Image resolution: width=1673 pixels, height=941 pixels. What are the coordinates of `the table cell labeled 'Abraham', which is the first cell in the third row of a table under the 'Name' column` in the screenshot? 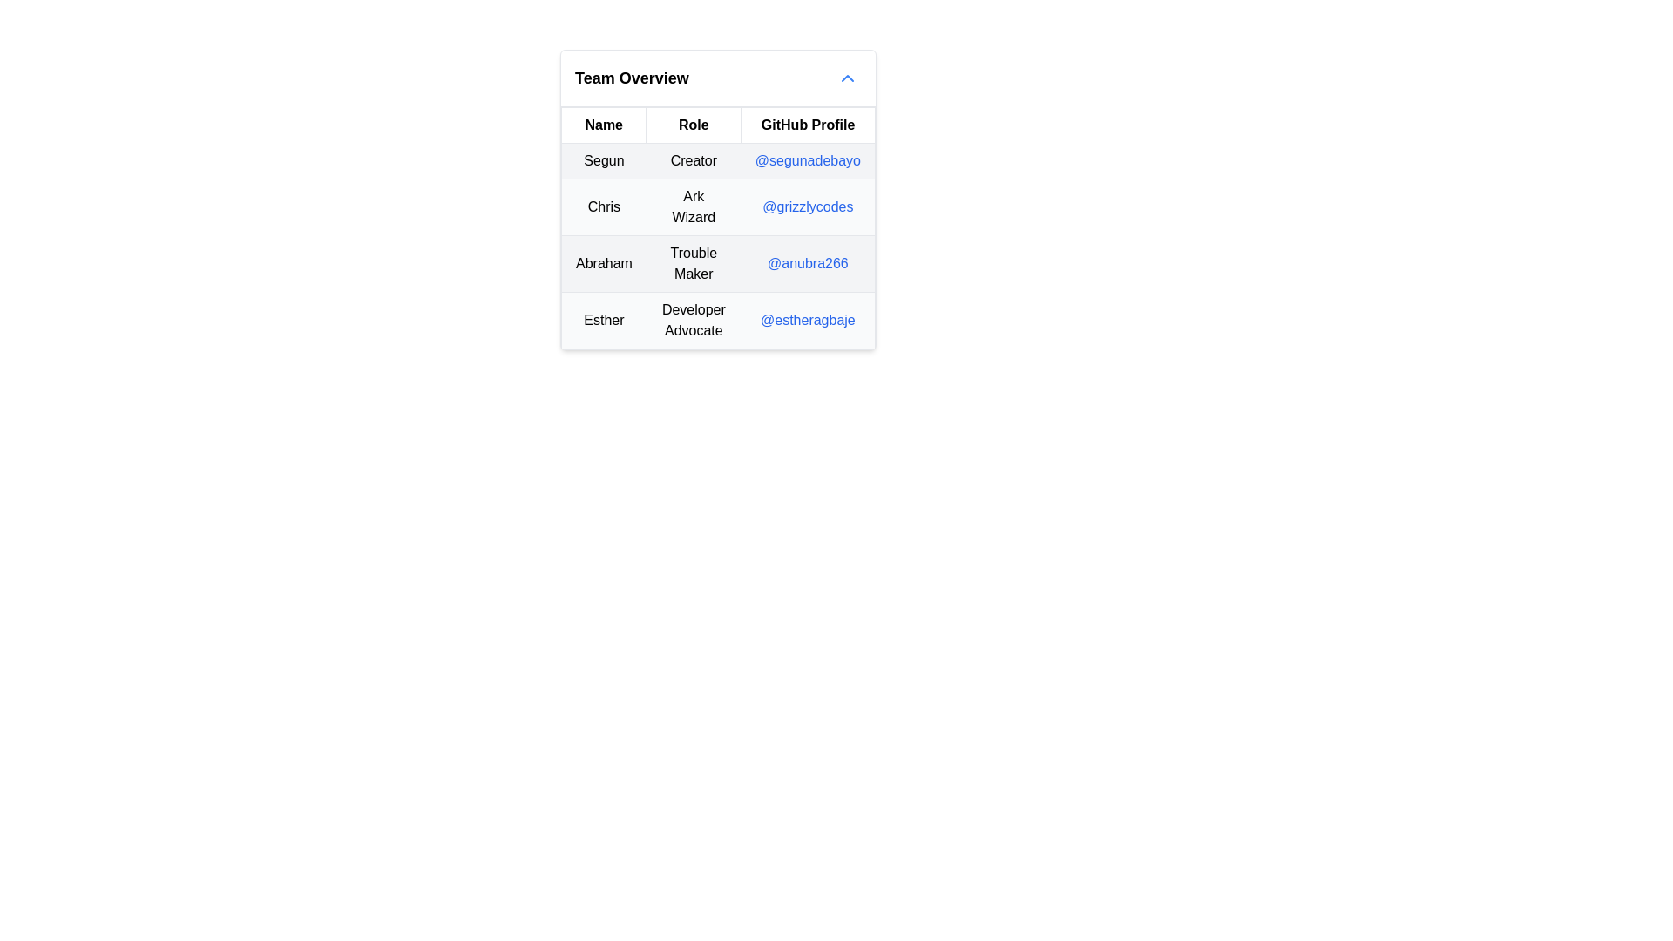 It's located at (604, 264).